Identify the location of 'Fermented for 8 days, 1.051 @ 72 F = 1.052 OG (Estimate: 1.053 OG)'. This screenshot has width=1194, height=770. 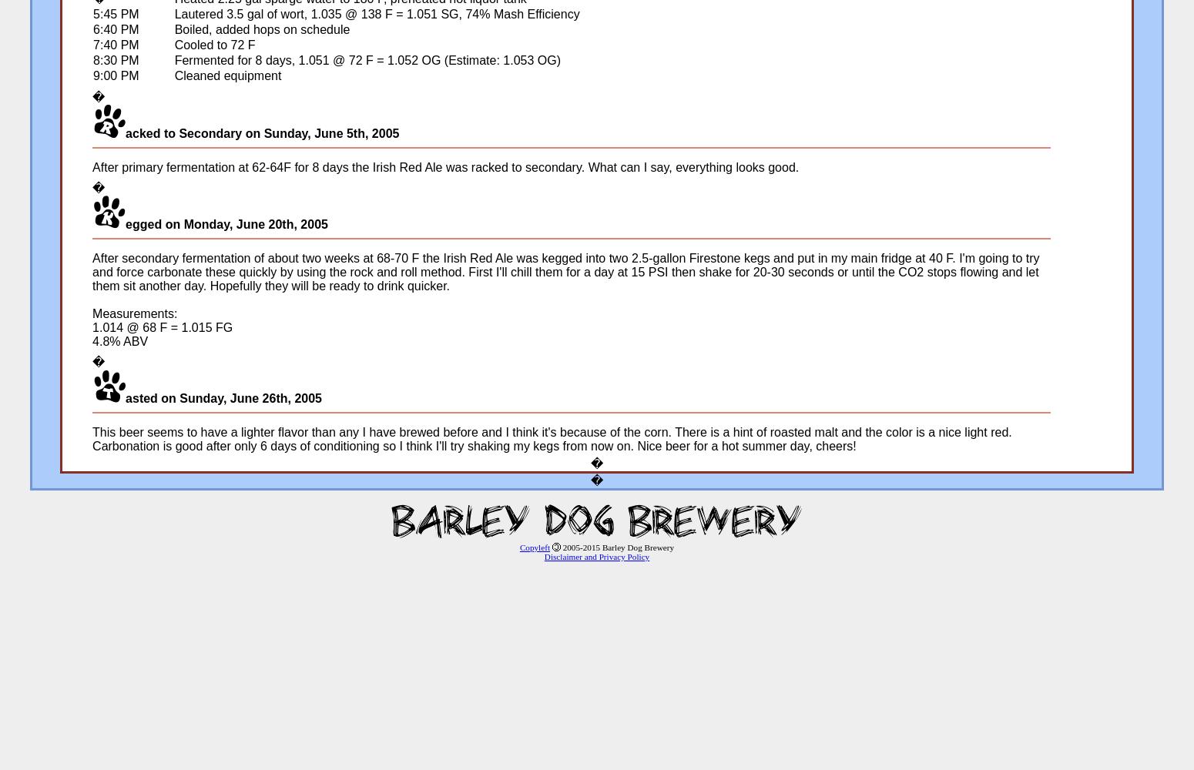
(366, 59).